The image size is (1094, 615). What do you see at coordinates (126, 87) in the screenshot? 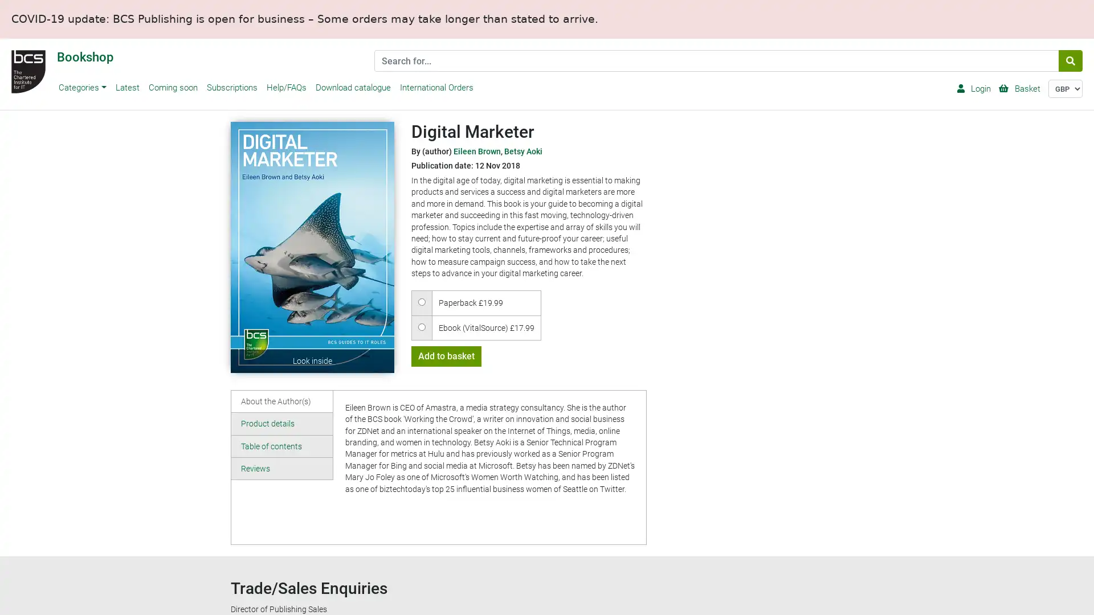
I see `Latest` at bounding box center [126, 87].